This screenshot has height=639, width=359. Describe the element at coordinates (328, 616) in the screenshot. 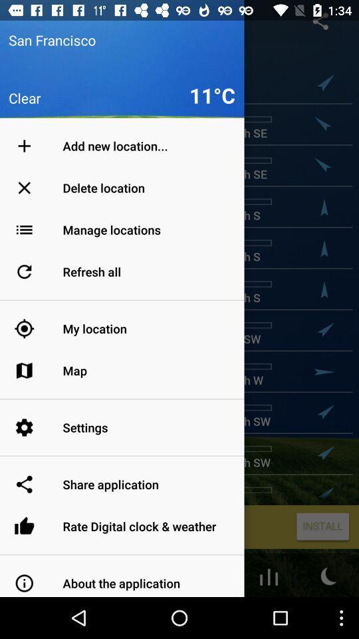

I see `the weather icon` at that location.